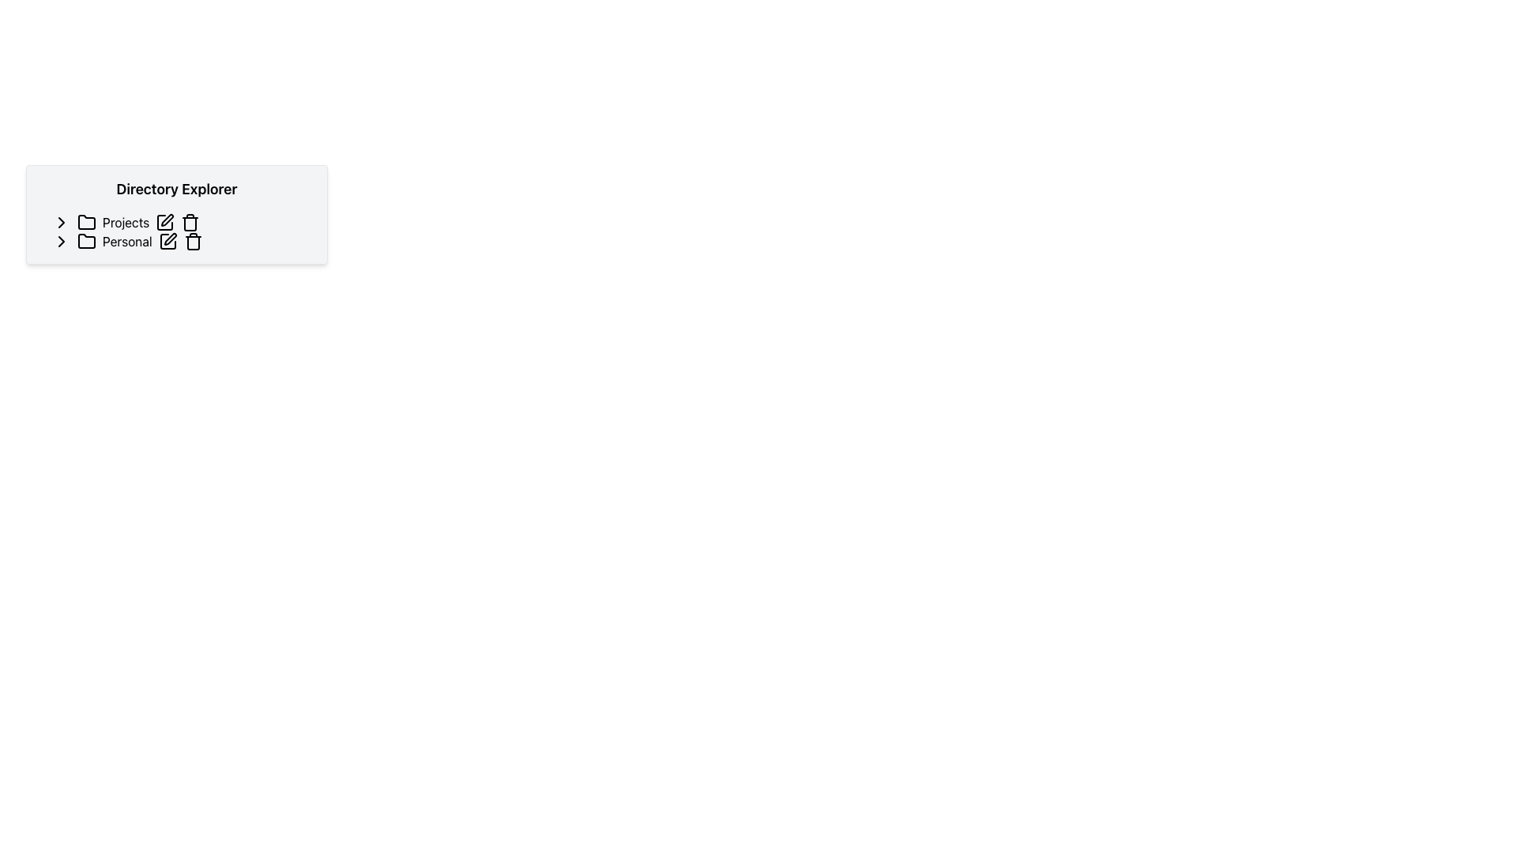 This screenshot has width=1517, height=853. I want to click on on the 'Personal' folder icon in the Directory Explorer, so click(86, 240).